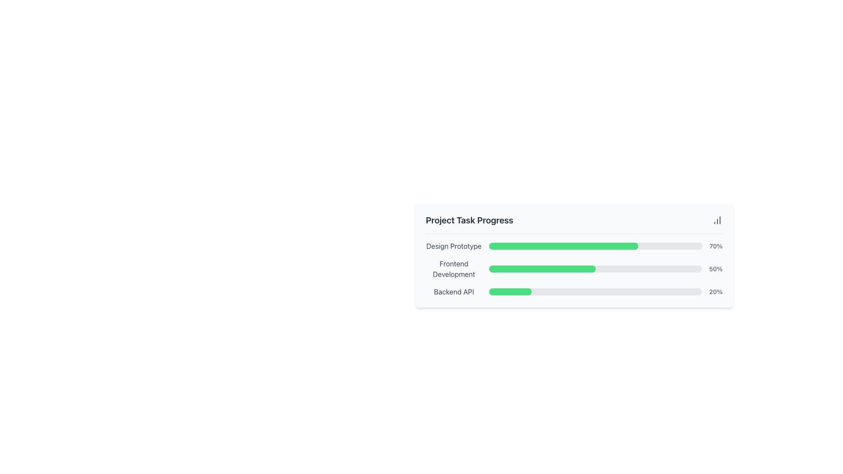 The image size is (843, 474). What do you see at coordinates (574, 269) in the screenshot?
I see `label 'Frontend Development' and the progress percentage '50%' from the progress bar that is the second in the list under the card labeled 'Project Task Progress'` at bounding box center [574, 269].